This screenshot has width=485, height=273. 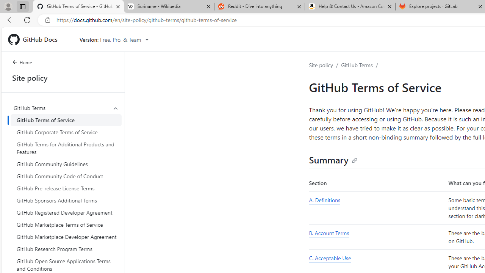 I want to click on 'Suriname - Wikipedia', so click(x=168, y=6).